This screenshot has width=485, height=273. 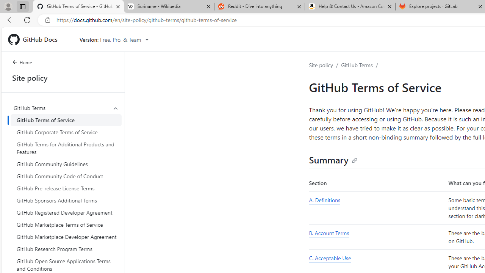 I want to click on 'Suriname - Wikipedia', so click(x=168, y=6).